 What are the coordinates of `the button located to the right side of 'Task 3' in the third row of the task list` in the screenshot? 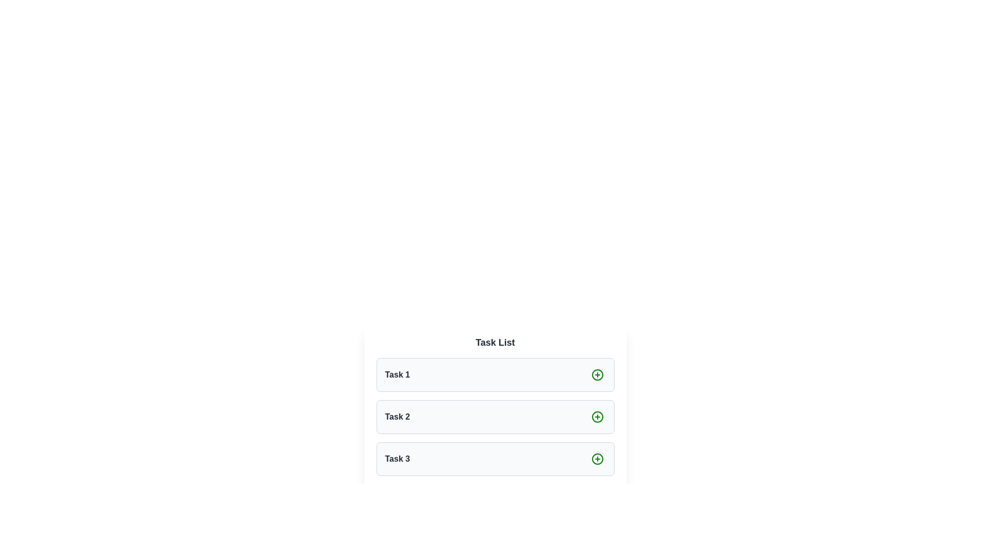 It's located at (597, 458).